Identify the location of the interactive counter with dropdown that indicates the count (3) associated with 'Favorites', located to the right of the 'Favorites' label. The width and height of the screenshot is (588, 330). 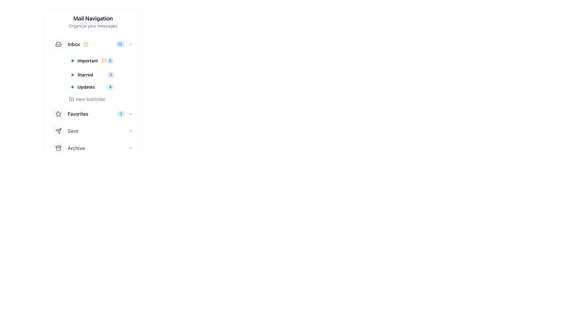
(125, 114).